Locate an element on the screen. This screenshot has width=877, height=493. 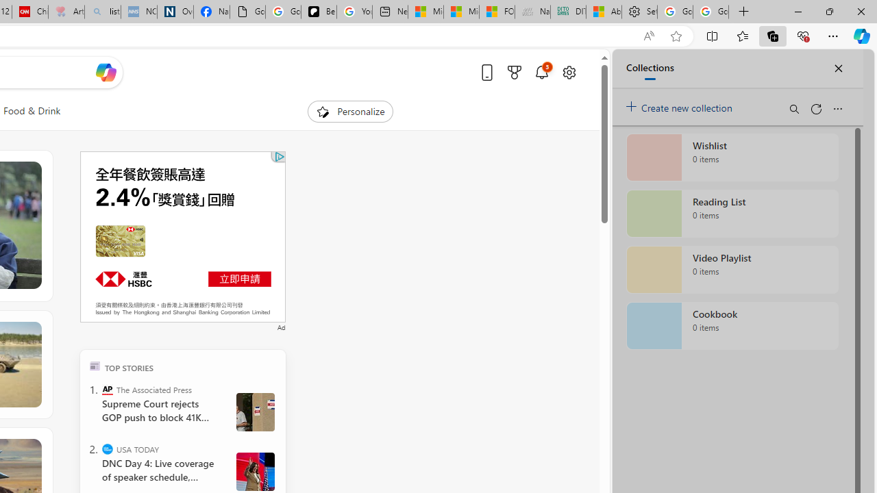
'Aberdeen, Hong Kong SAR hourly forecast | Microsoft Weather' is located at coordinates (603, 12).